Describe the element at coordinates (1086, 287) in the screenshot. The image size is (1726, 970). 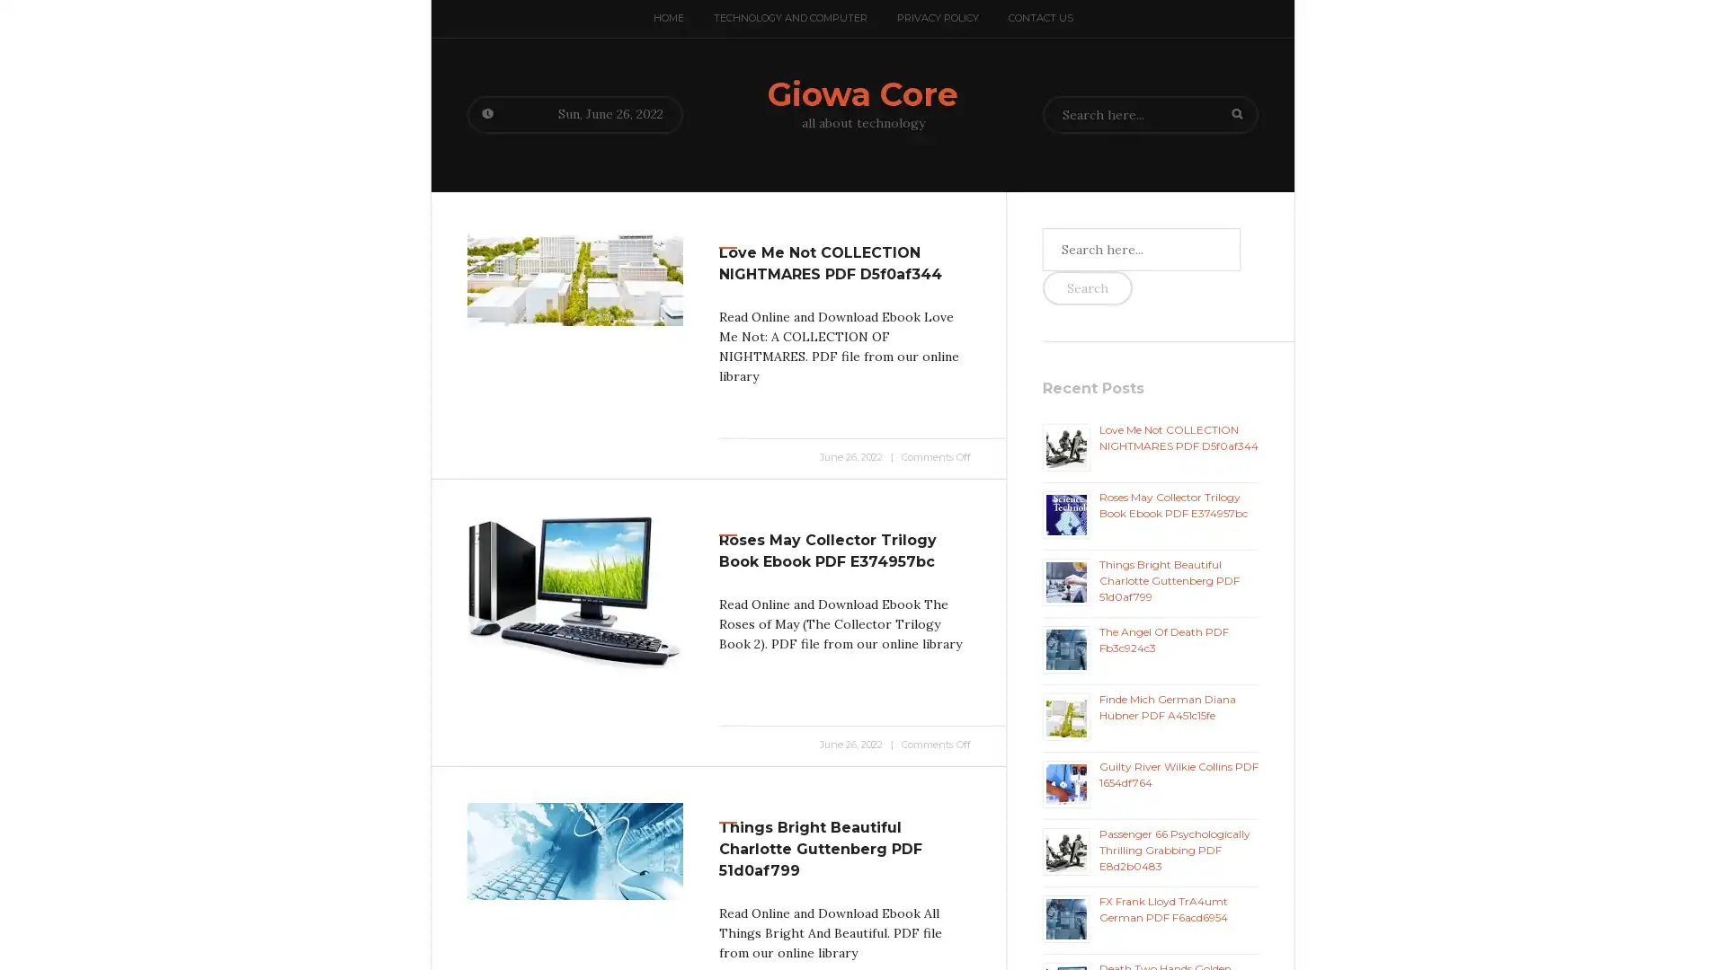
I see `Search` at that location.